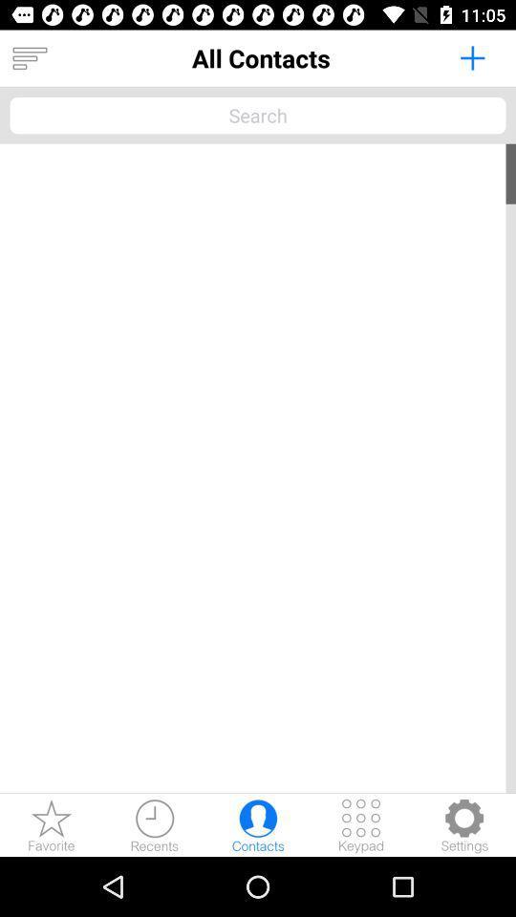 The height and width of the screenshot is (917, 516). What do you see at coordinates (361, 824) in the screenshot?
I see `use keypad` at bounding box center [361, 824].